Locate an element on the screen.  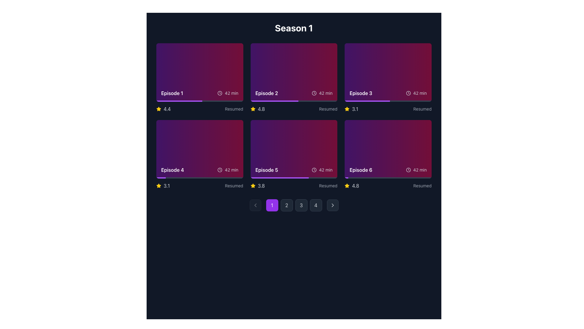
the text display component showing the duration of the episode, which is 42 minutes, located in the upper-right section of the card labeled 'Episode 2' is located at coordinates (322, 93).